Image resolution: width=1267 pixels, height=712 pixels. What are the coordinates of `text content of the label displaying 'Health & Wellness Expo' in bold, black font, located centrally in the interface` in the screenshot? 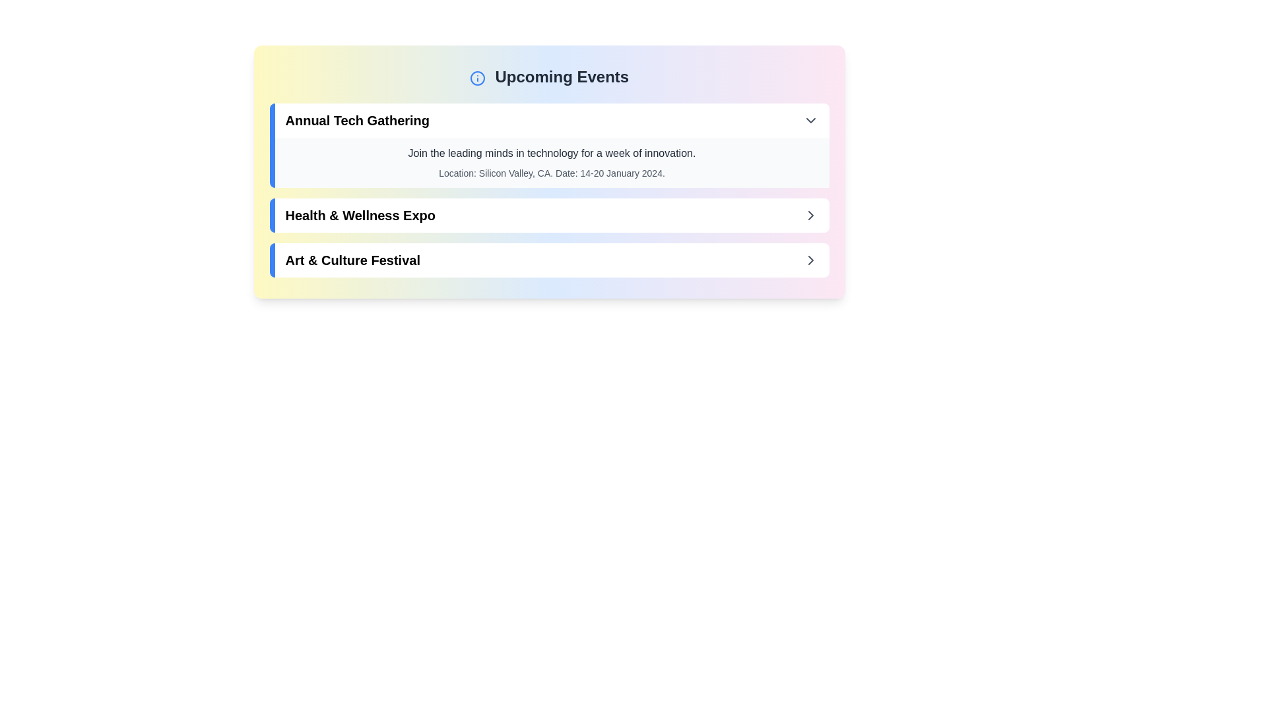 It's located at (360, 215).